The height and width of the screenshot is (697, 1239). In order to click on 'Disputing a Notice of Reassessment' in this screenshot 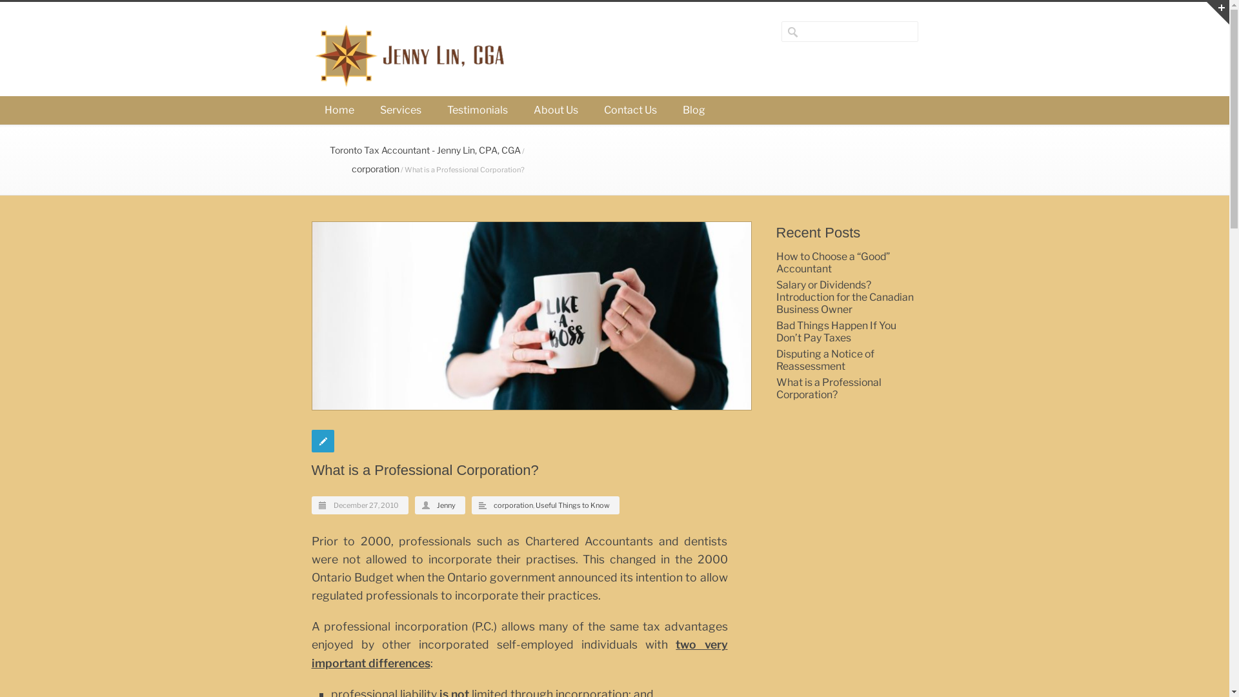, I will do `click(823, 360)`.